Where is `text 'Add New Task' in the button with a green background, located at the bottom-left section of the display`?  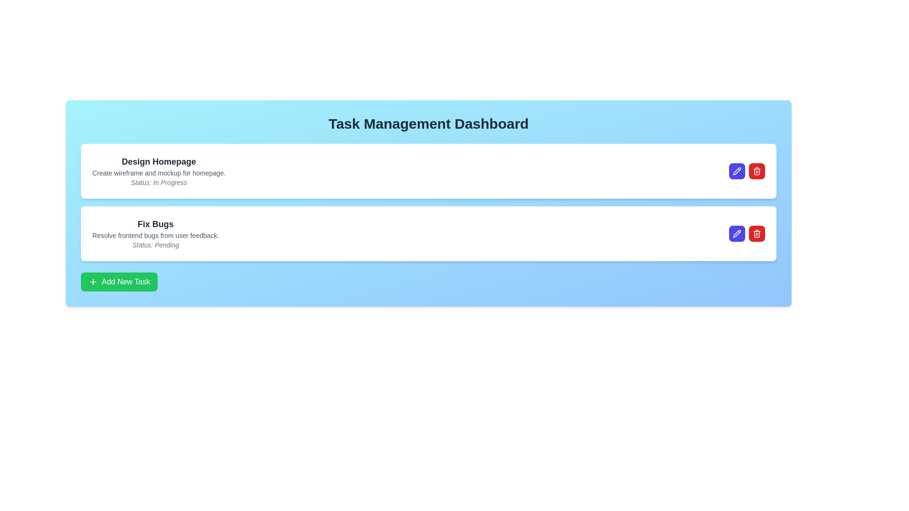 text 'Add New Task' in the button with a green background, located at the bottom-left section of the display is located at coordinates (125, 282).